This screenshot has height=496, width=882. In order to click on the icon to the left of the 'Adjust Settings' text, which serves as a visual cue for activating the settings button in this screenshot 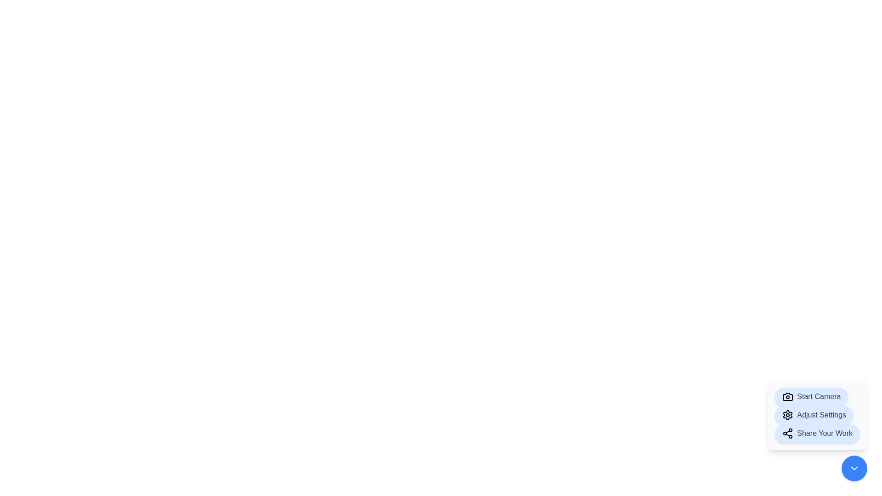, I will do `click(787, 415)`.